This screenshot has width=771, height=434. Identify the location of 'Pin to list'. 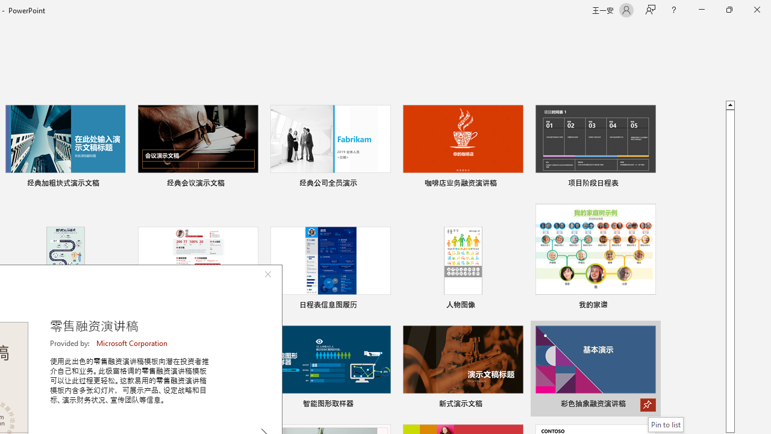
(647, 405).